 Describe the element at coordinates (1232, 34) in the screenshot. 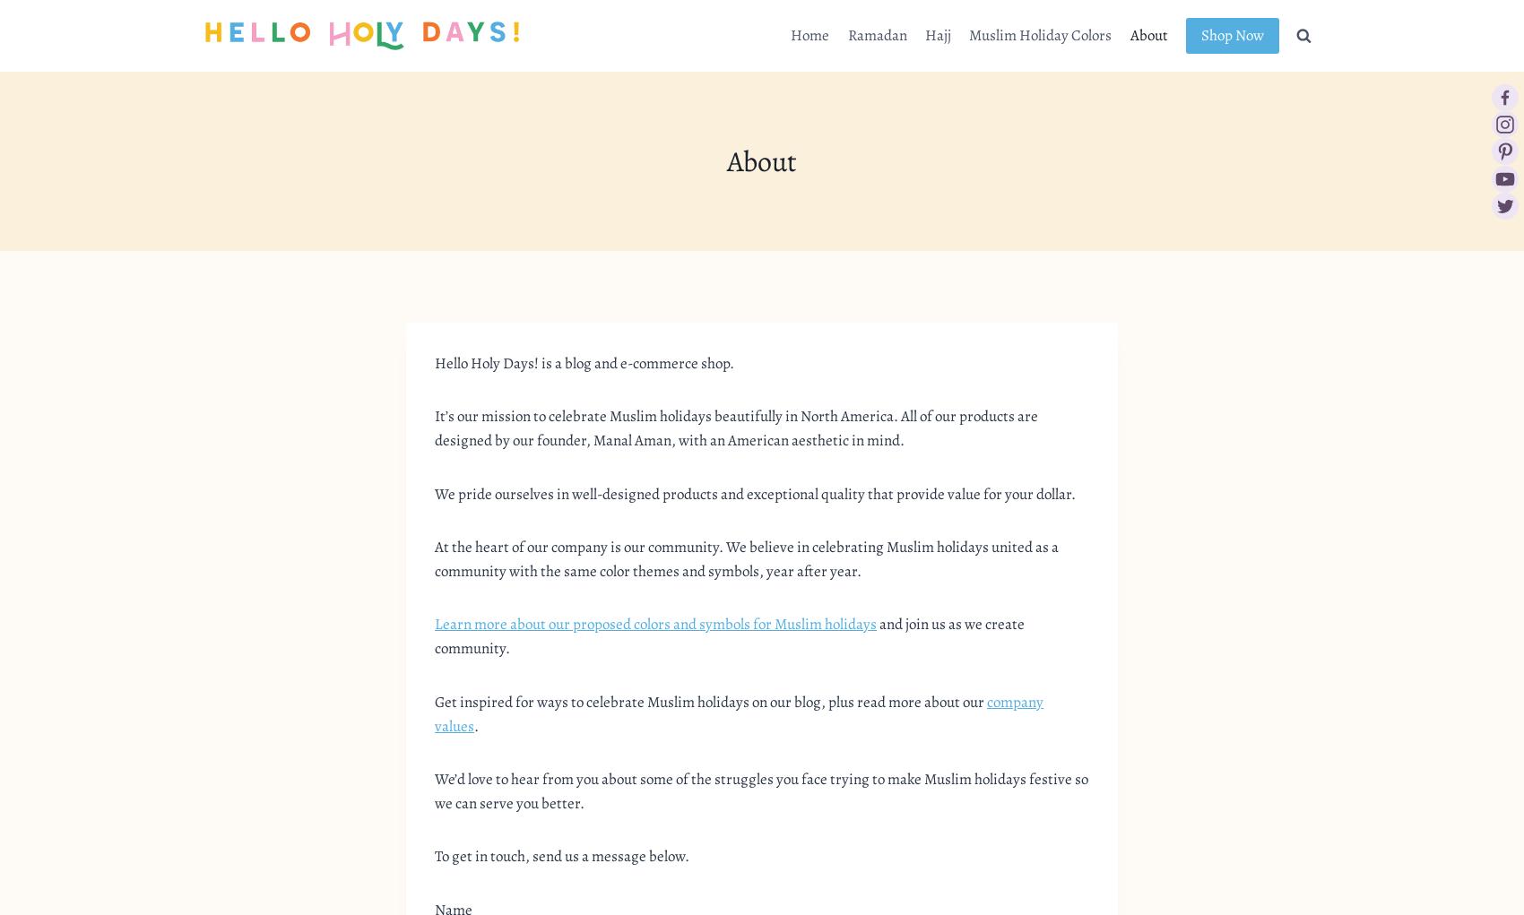

I see `'Shop Now'` at that location.